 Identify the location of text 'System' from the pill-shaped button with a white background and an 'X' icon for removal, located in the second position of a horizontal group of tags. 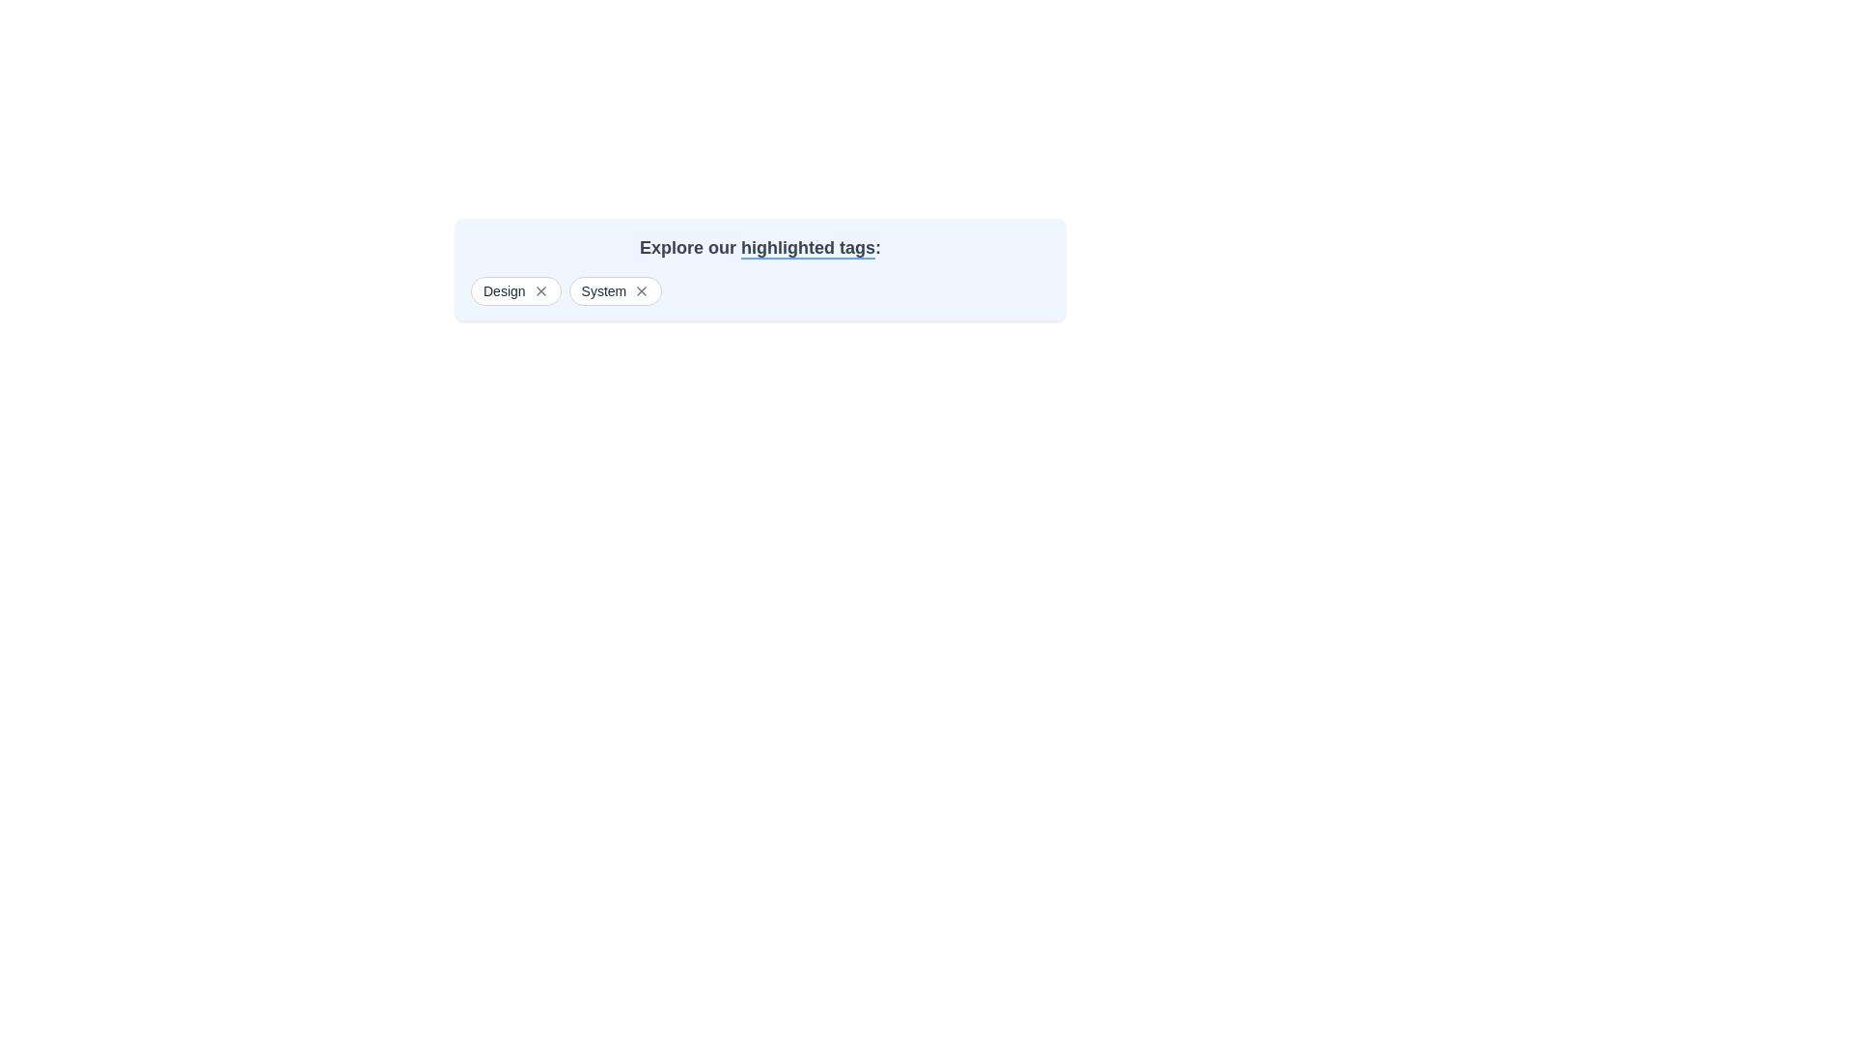
(615, 290).